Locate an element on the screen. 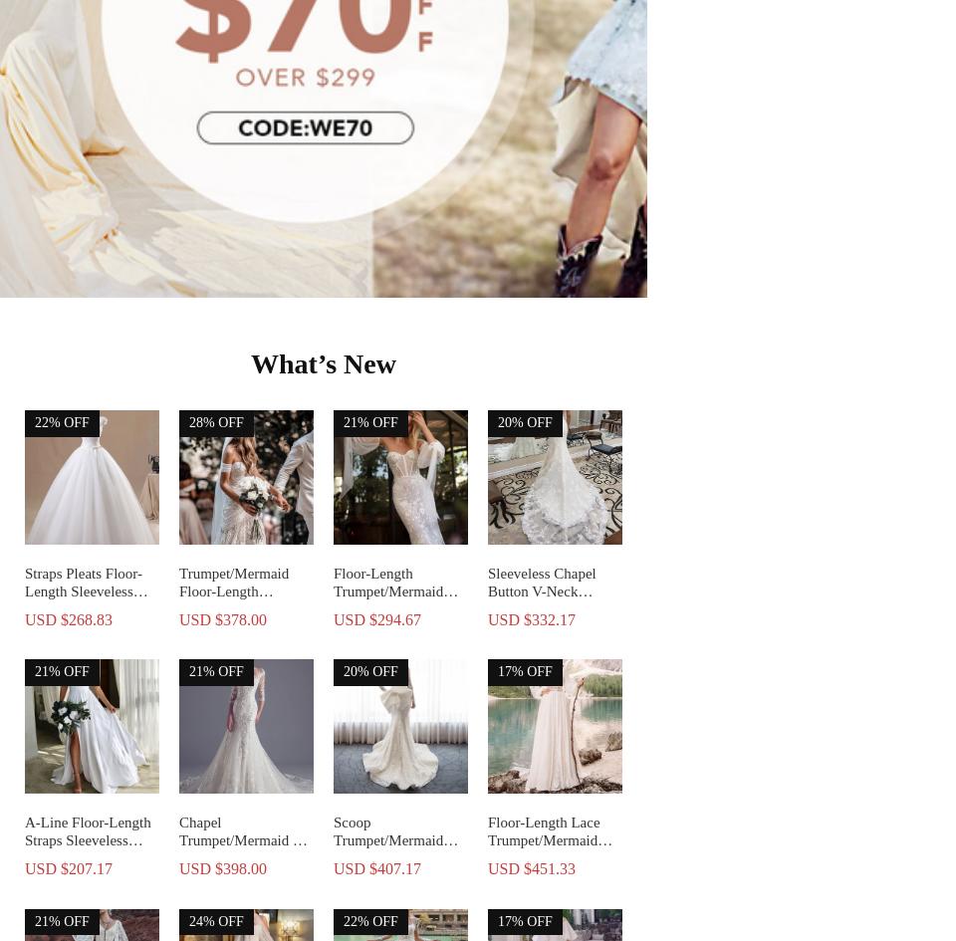 This screenshot has width=956, height=941. 'Sleeveless Chapel Button V-Neck Church Wedding Dress' is located at coordinates (542, 600).